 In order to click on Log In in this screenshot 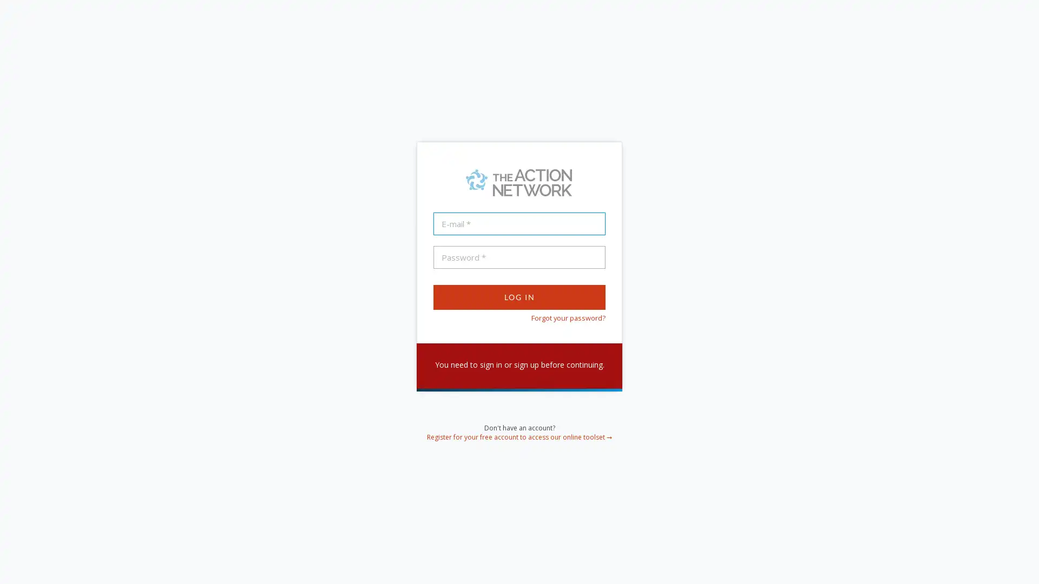, I will do `click(519, 297)`.